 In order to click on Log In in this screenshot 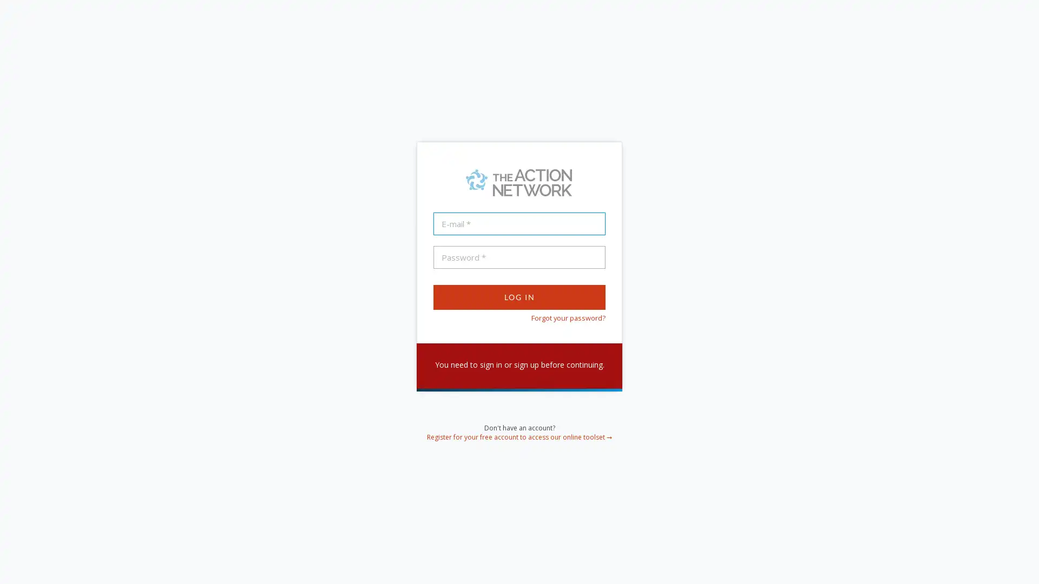, I will do `click(519, 297)`.